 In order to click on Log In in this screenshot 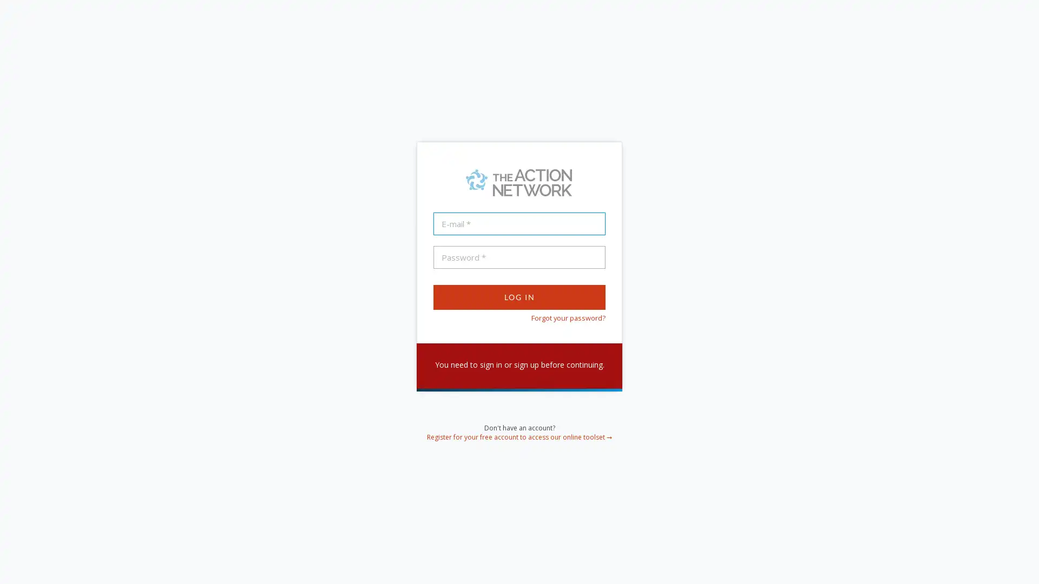, I will do `click(519, 297)`.